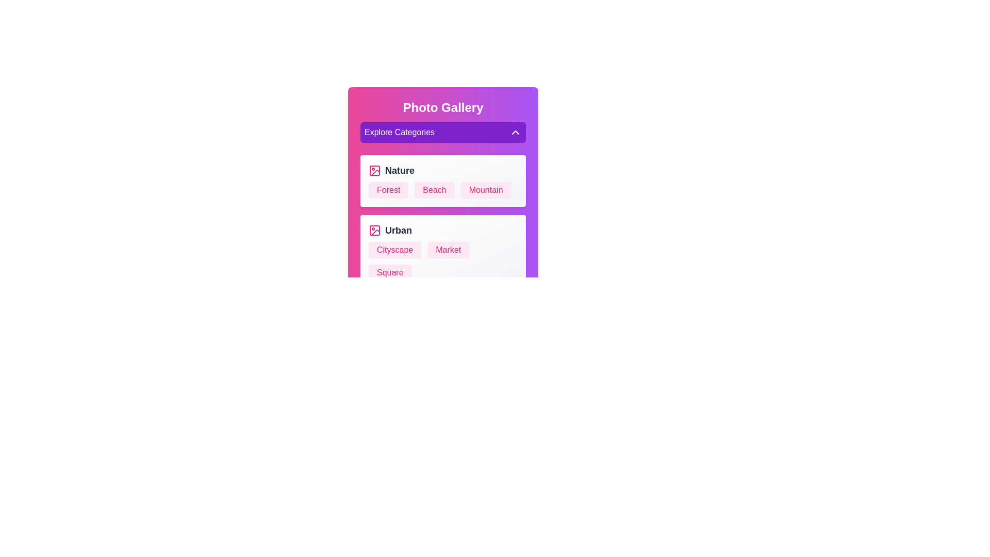 The width and height of the screenshot is (990, 557). What do you see at coordinates (435, 190) in the screenshot?
I see `the text element labeled 'Beach' to select it` at bounding box center [435, 190].